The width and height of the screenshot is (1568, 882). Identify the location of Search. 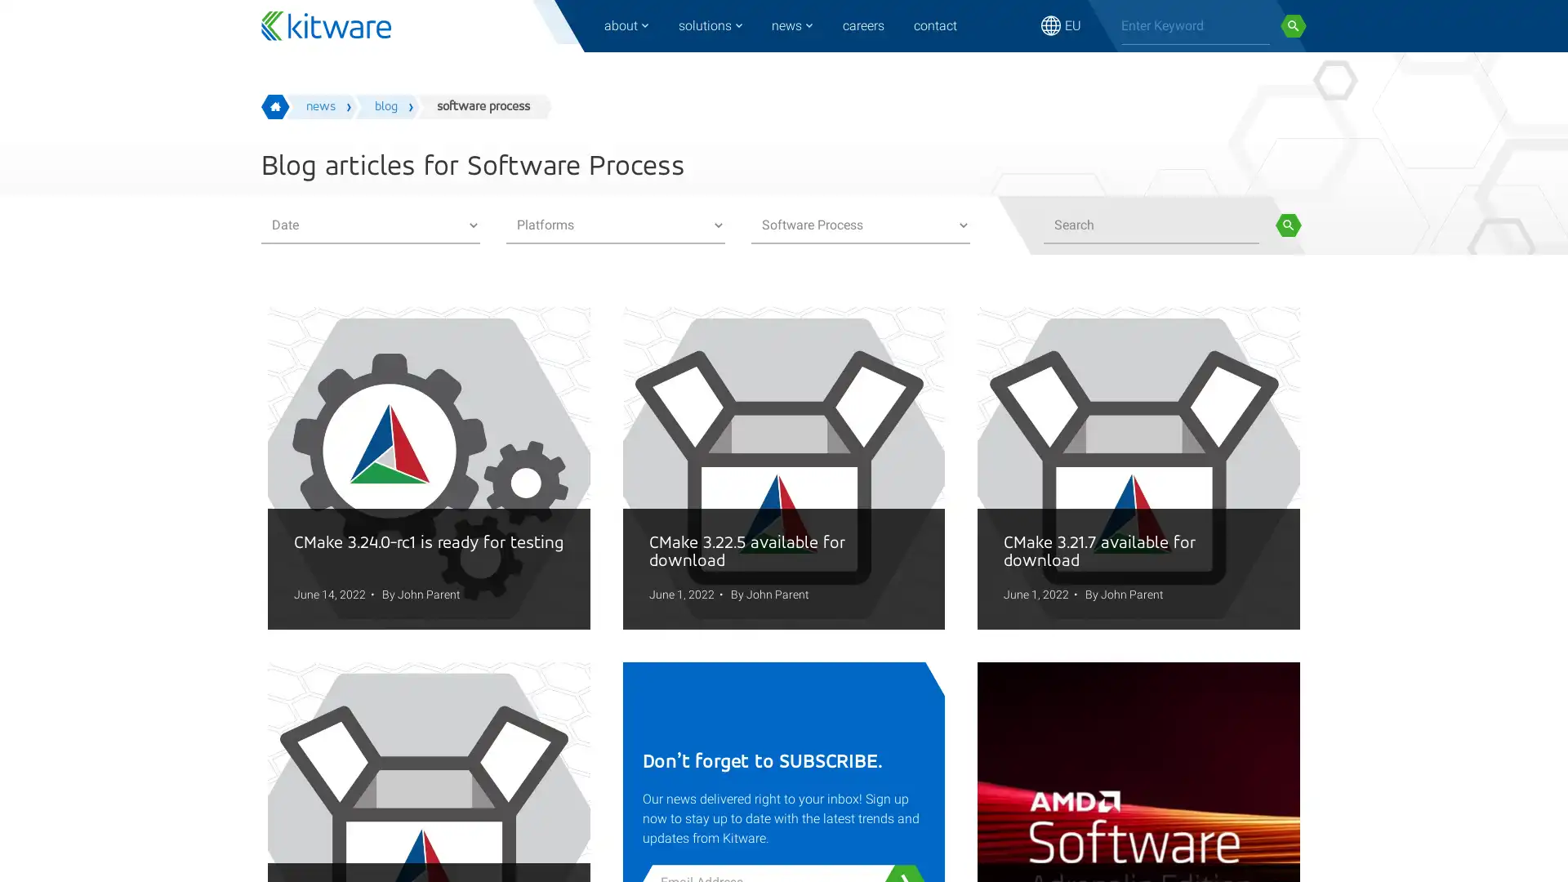
(1293, 25).